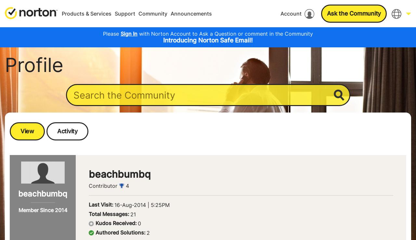 The height and width of the screenshot is (240, 416). I want to click on 'Last Visit:', so click(88, 204).